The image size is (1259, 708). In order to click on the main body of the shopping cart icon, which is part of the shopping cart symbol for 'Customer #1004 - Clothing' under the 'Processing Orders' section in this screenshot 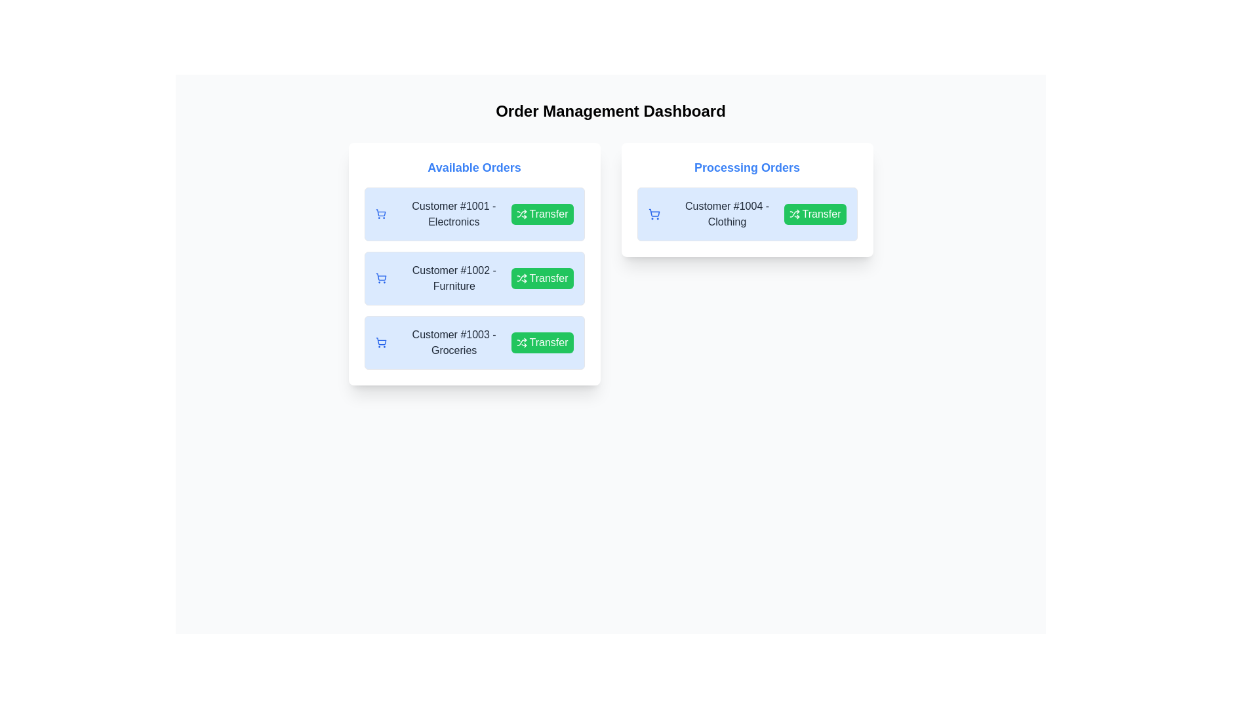, I will do `click(654, 212)`.